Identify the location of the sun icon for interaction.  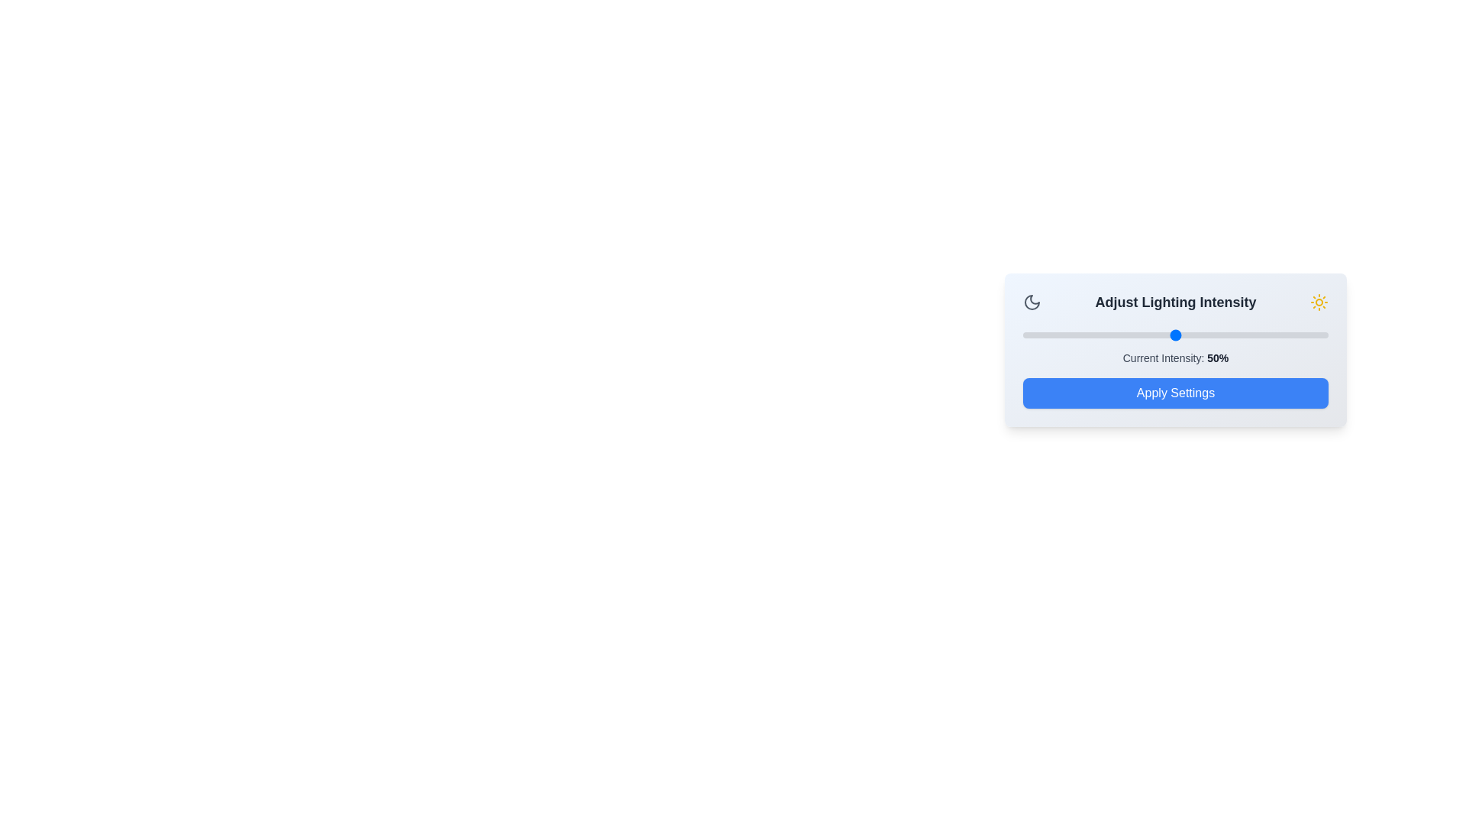
(1319, 302).